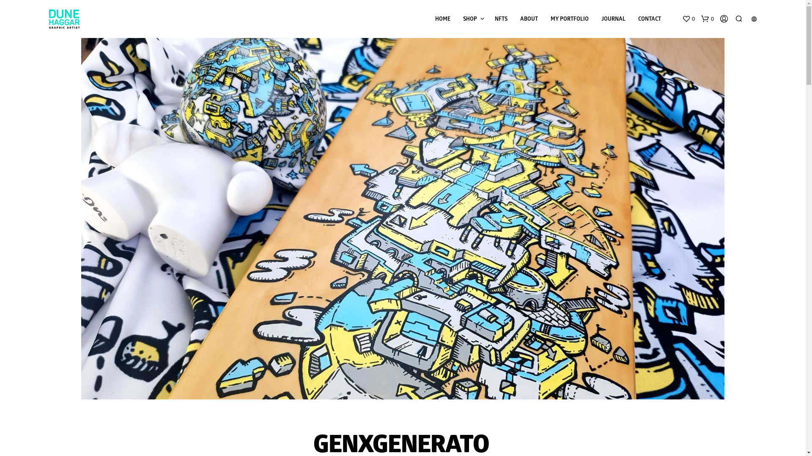 This screenshot has height=456, width=812. I want to click on 'HOME', so click(442, 19).